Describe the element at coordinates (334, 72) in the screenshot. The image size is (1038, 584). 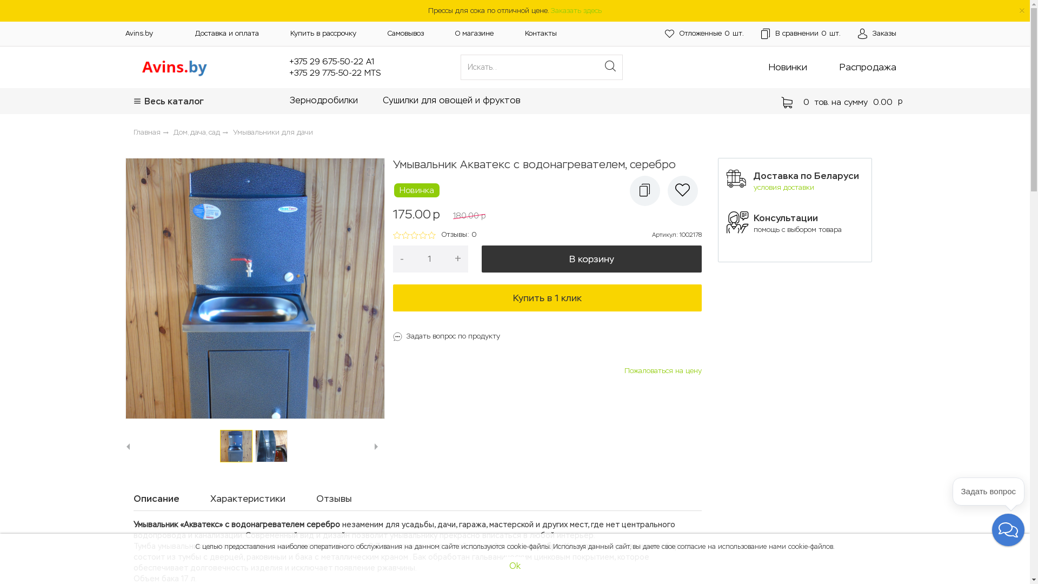
I see `'+375 29 775-50-22 MTS'` at that location.